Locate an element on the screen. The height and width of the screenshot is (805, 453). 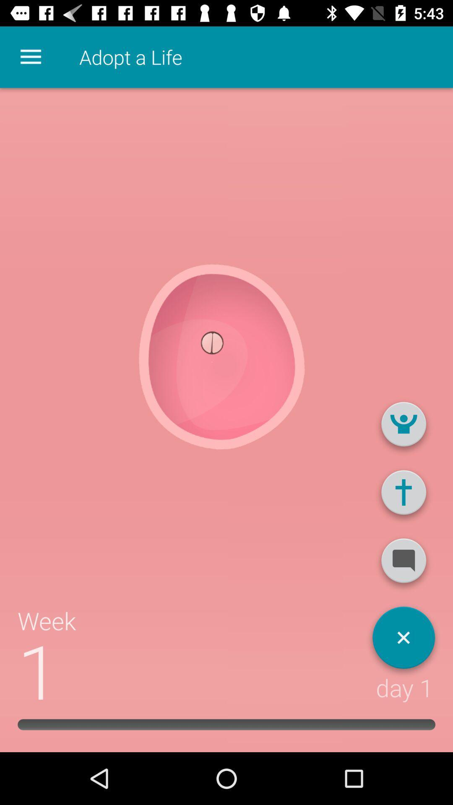
chat button messages is located at coordinates (403, 564).